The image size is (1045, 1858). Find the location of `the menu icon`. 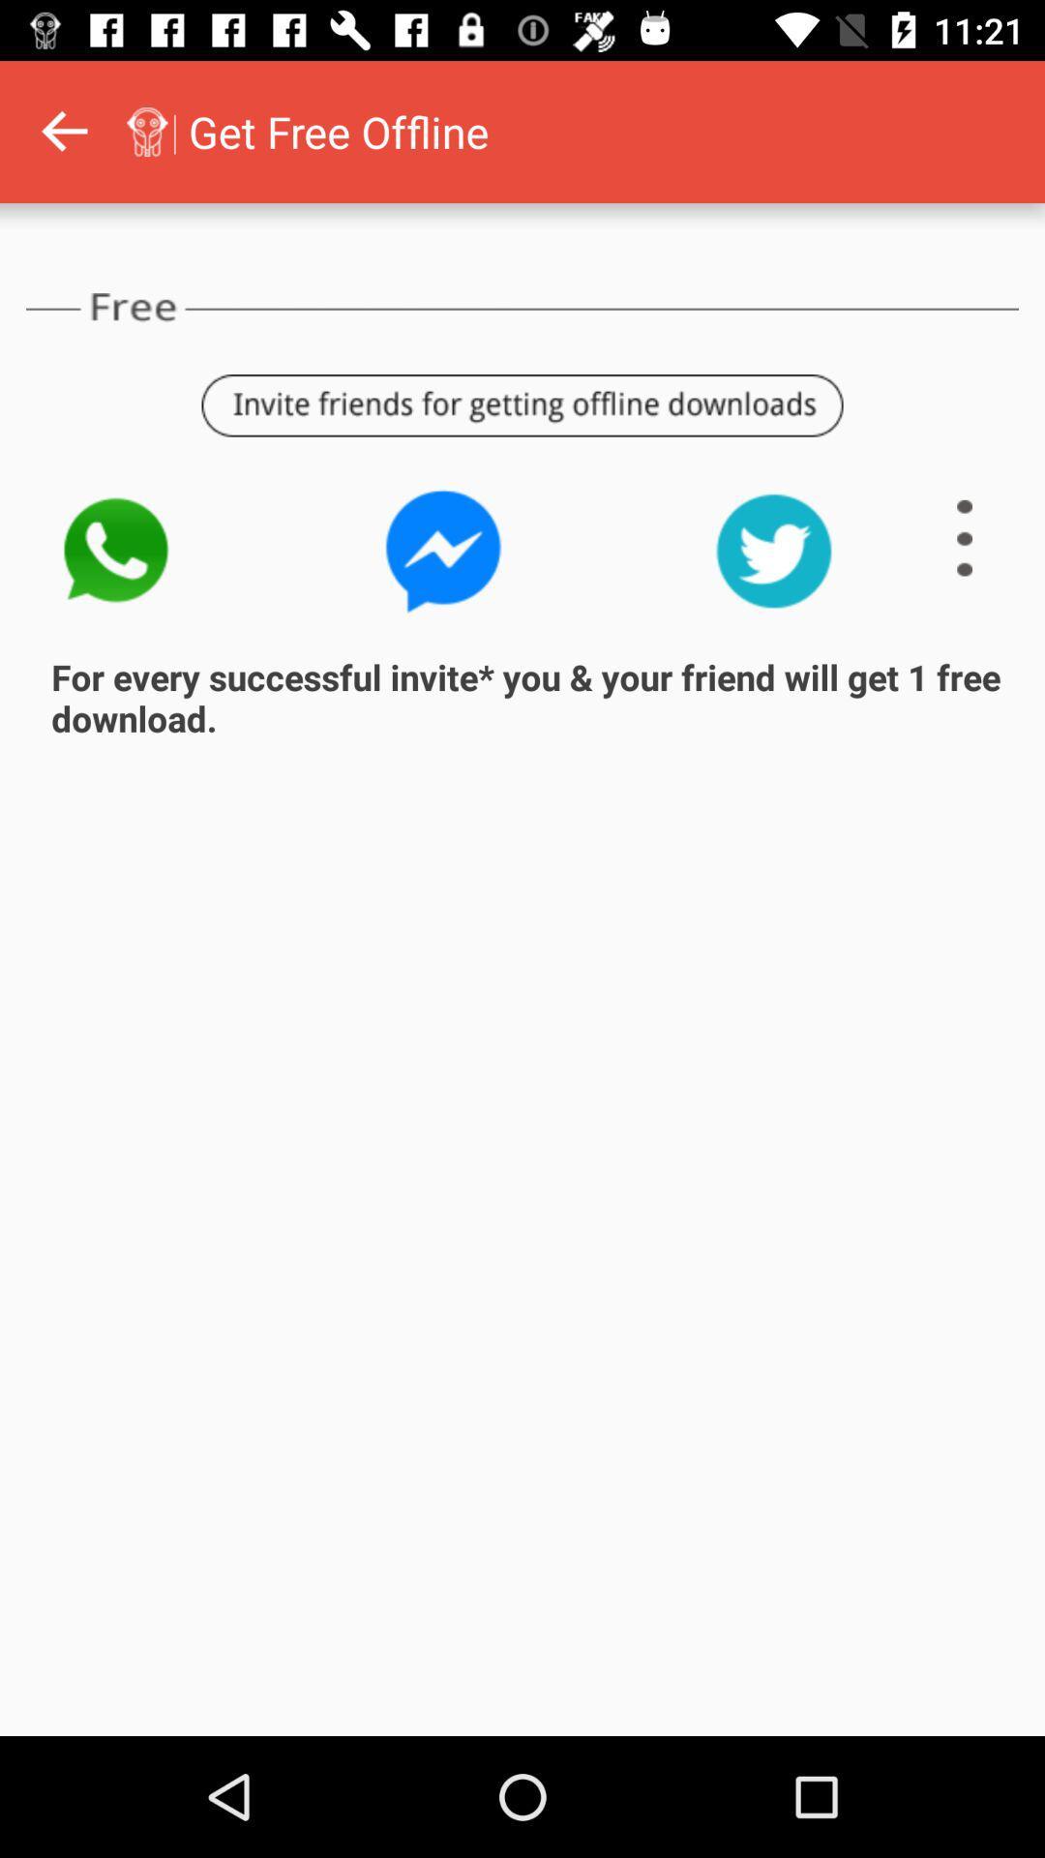

the menu icon is located at coordinates (965, 538).